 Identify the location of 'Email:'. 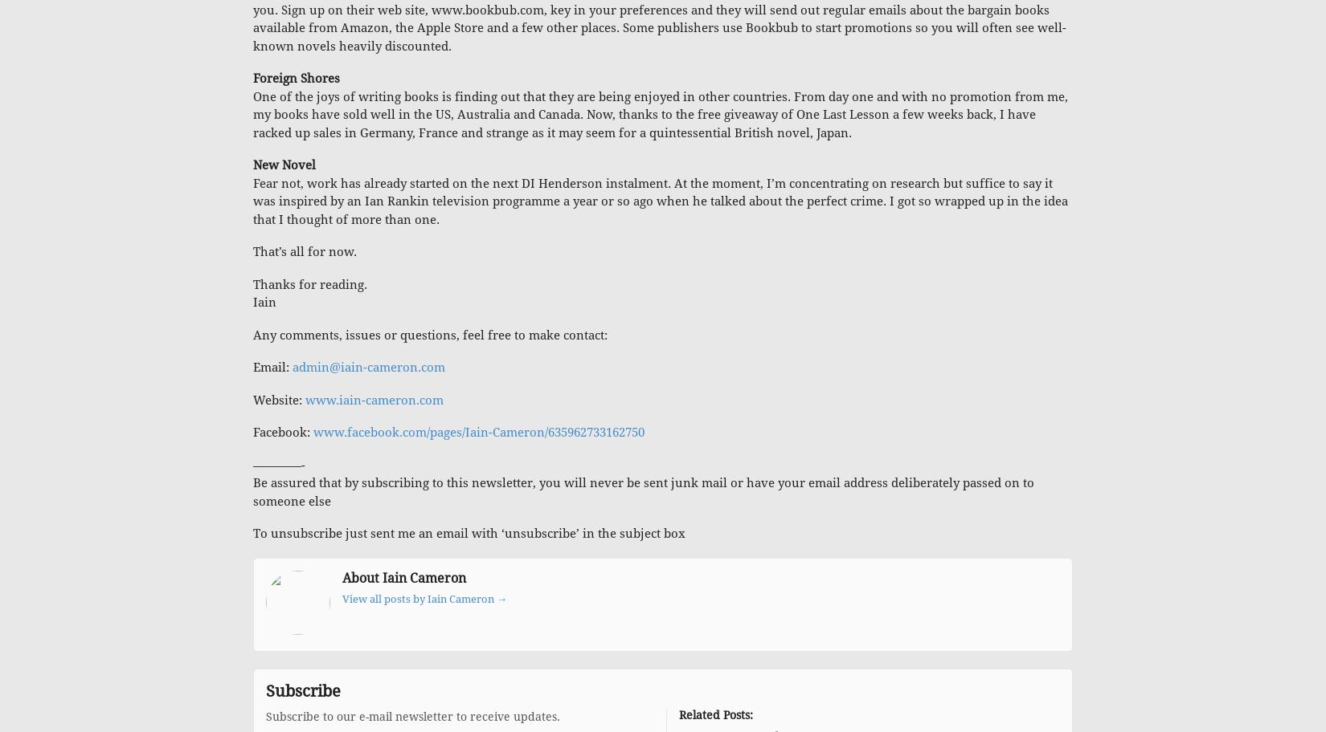
(272, 368).